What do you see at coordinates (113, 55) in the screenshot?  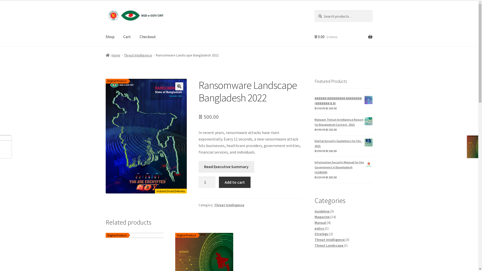 I see `'Home'` at bounding box center [113, 55].